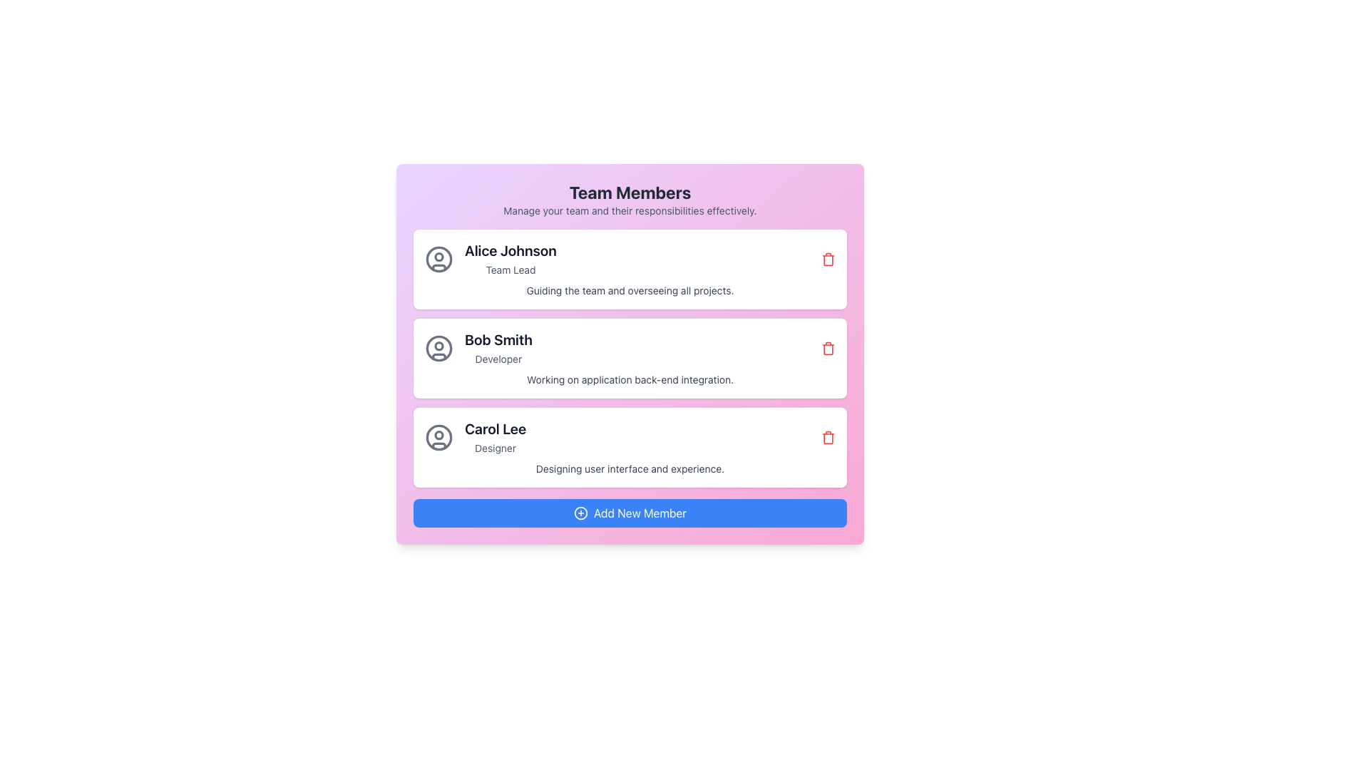 This screenshot has width=1369, height=770. What do you see at coordinates (496, 436) in the screenshot?
I see `name 'Carol Lee' and title 'Designer' displayed in the text label pair, which is the third entry under the 'Team Members' heading` at bounding box center [496, 436].